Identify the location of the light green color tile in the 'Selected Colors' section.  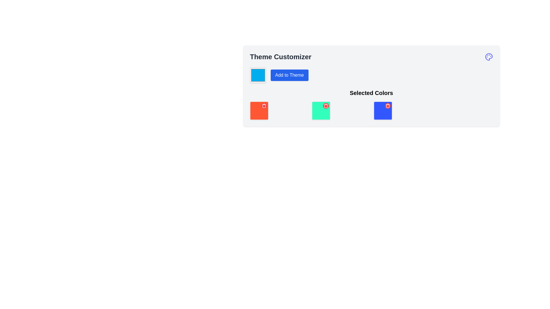
(321, 110).